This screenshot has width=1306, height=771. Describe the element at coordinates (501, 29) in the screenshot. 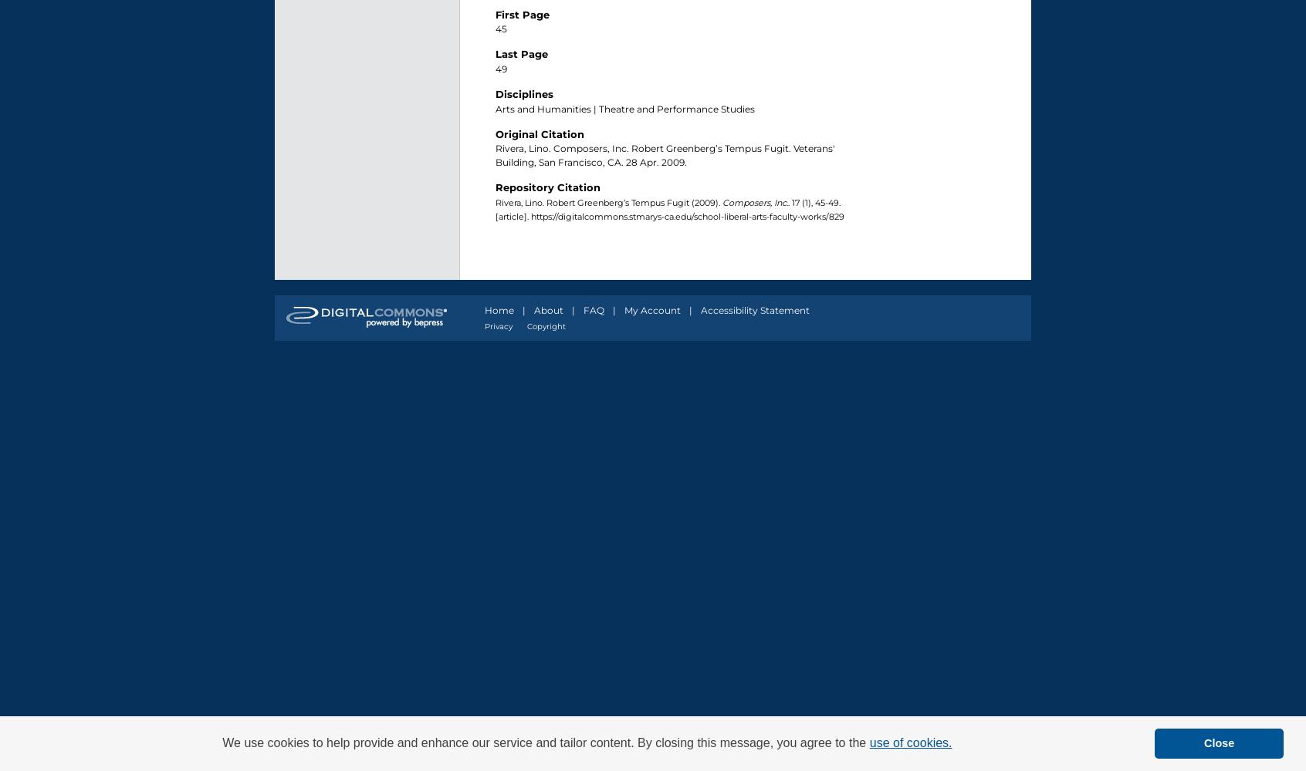

I see `'45'` at that location.